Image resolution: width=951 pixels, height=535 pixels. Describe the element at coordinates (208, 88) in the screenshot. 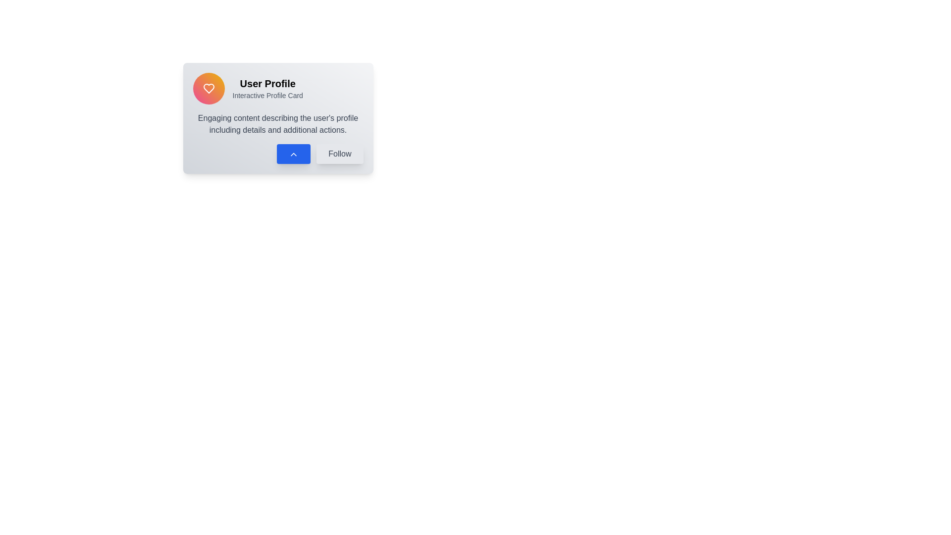

I see `the circular heart-shaped icon with a gradient color, located at the top-left corner of the card, next to 'User Profile' and 'Interactive Profile Card'` at that location.